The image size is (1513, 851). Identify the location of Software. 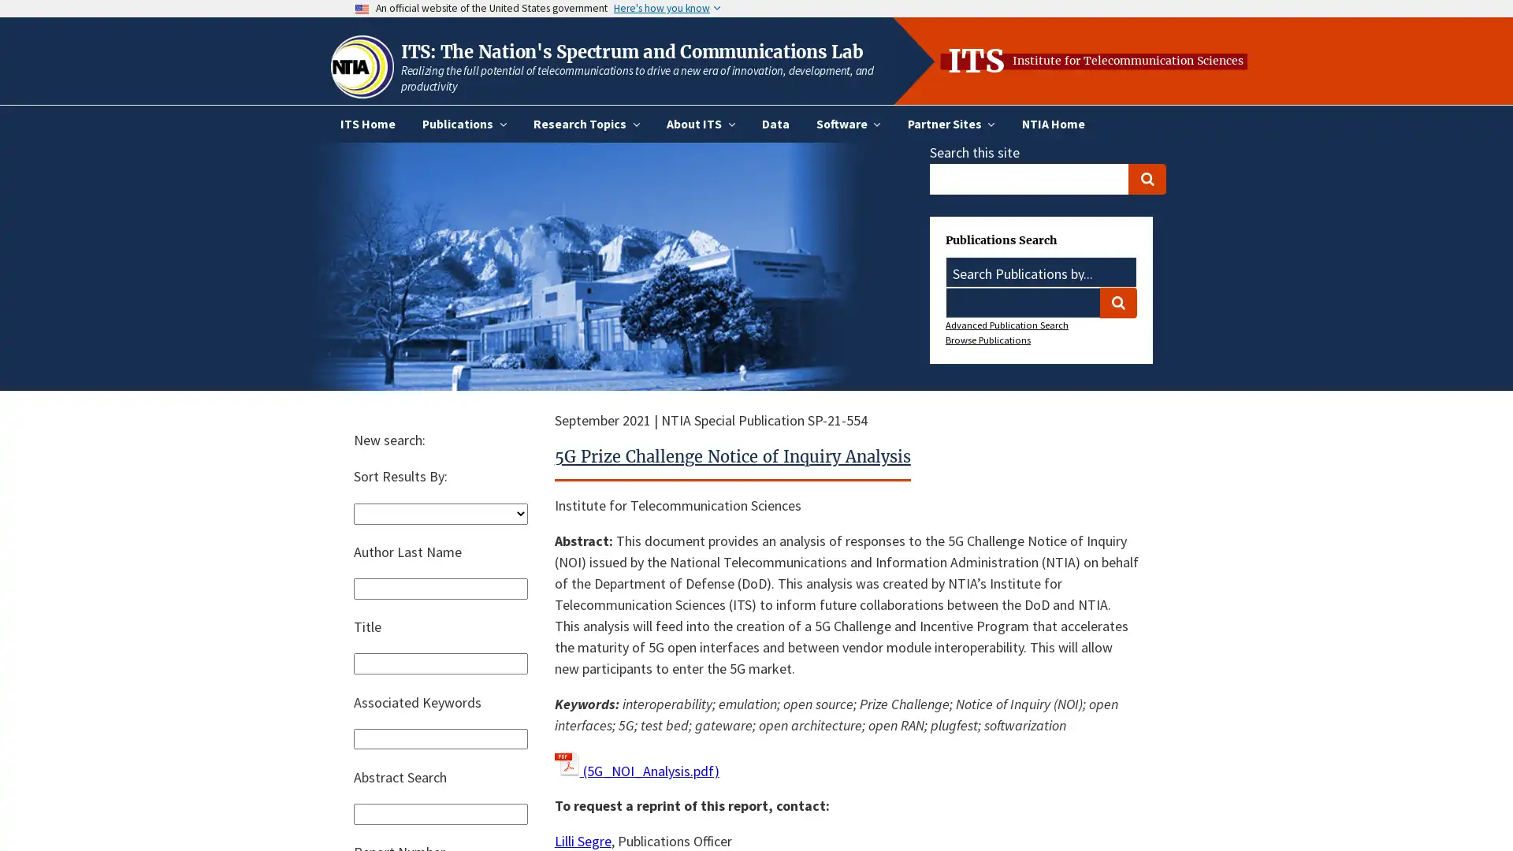
(846, 123).